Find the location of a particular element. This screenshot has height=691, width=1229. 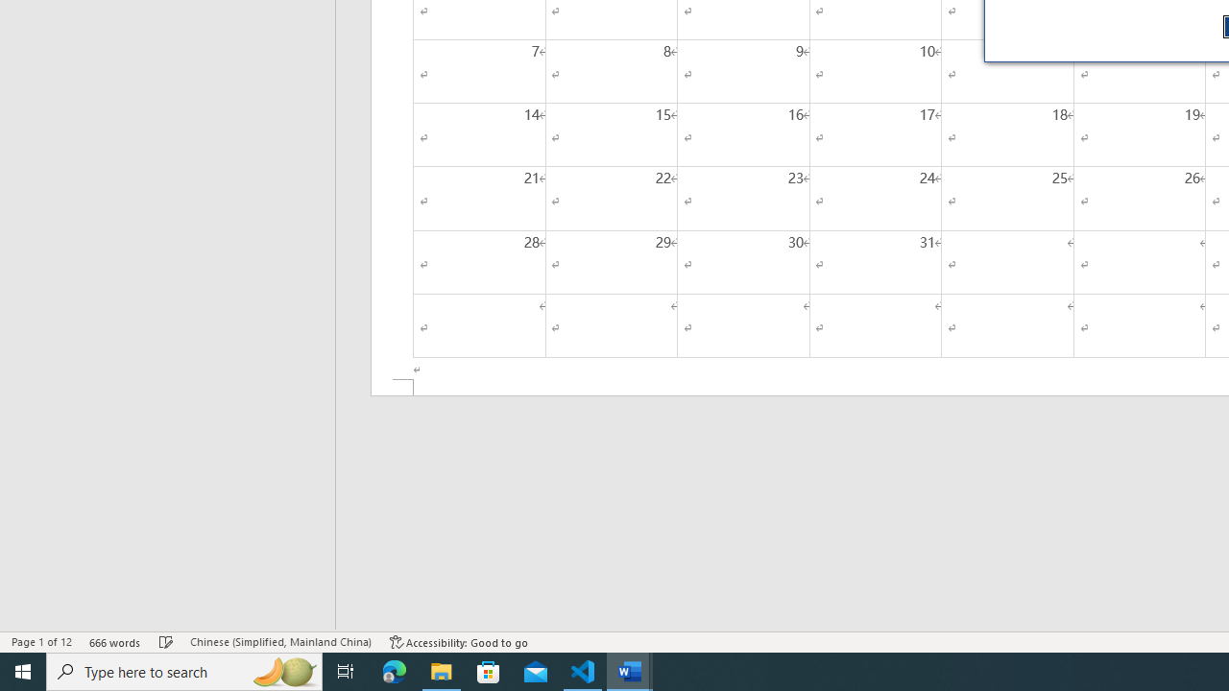

'Word - 2 running windows' is located at coordinates (630, 670).